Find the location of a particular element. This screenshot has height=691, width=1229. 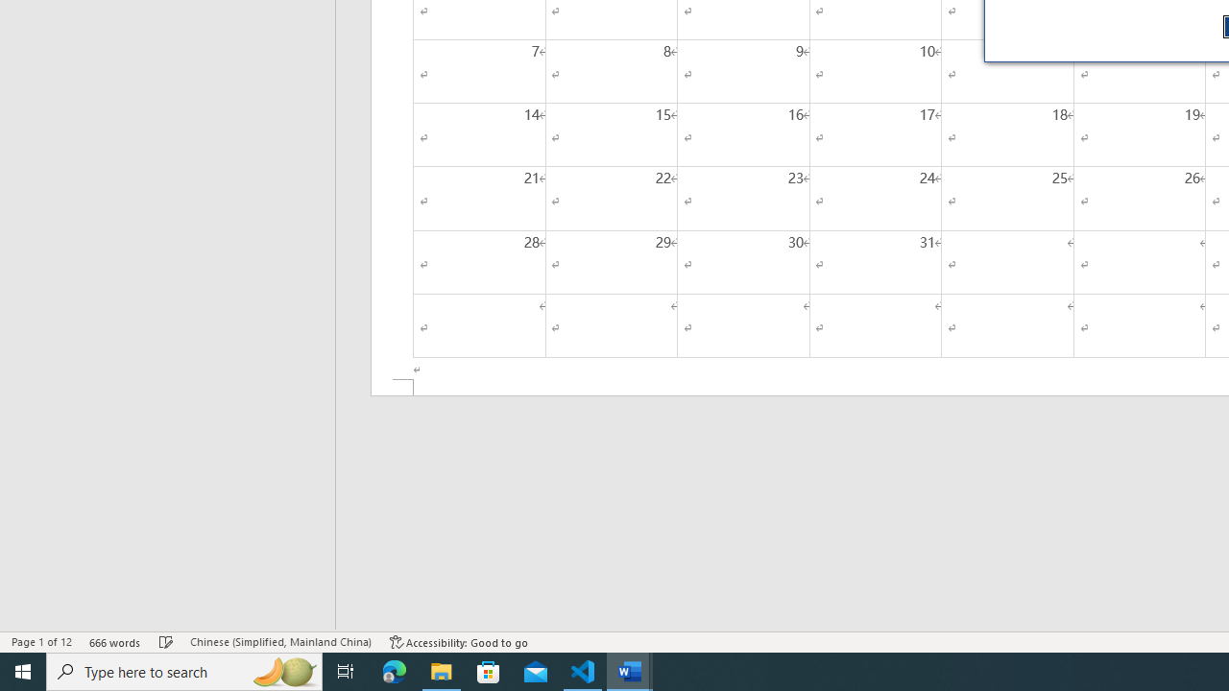

'Word - 2 running windows' is located at coordinates (630, 670).